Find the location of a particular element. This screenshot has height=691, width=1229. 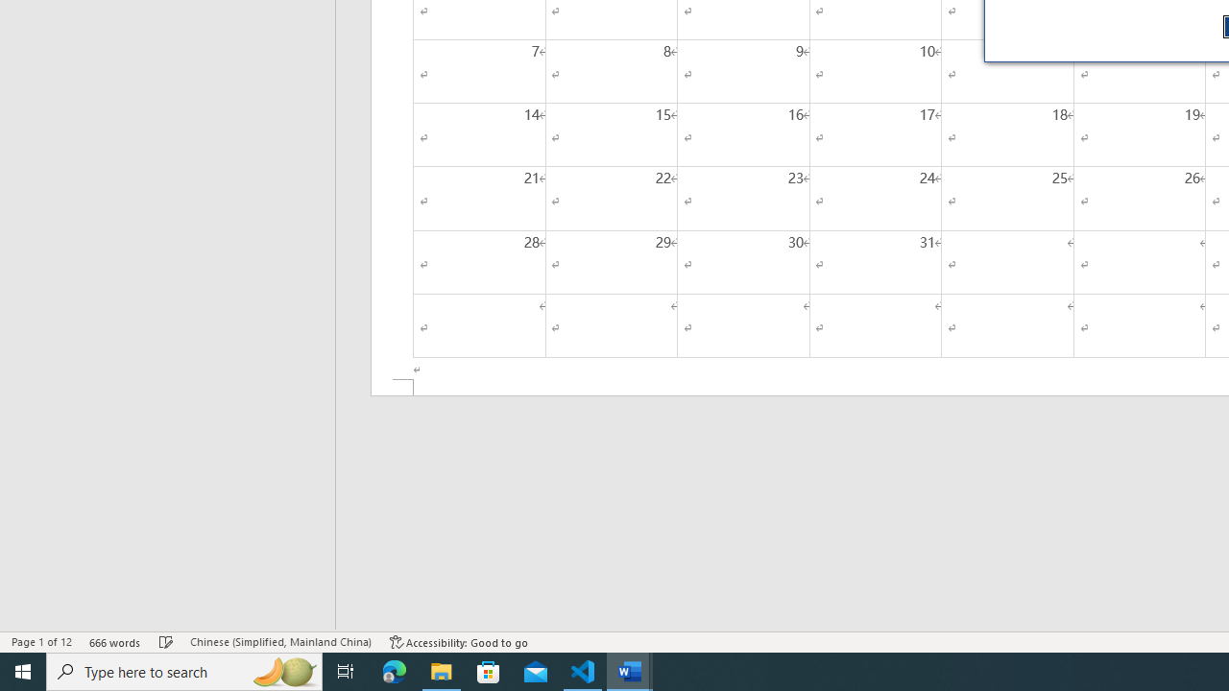

'Word - 2 running windows' is located at coordinates (630, 670).